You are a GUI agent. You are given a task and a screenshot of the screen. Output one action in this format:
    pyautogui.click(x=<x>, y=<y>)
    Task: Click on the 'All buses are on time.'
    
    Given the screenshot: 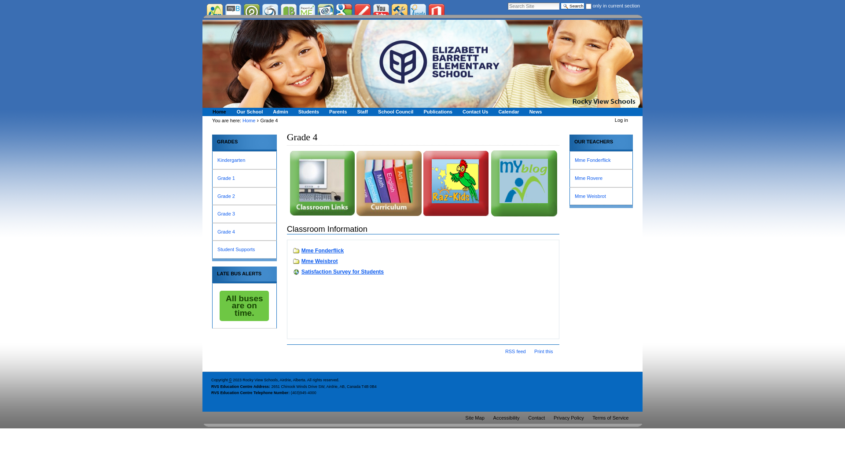 What is the action you would take?
    pyautogui.click(x=244, y=305)
    